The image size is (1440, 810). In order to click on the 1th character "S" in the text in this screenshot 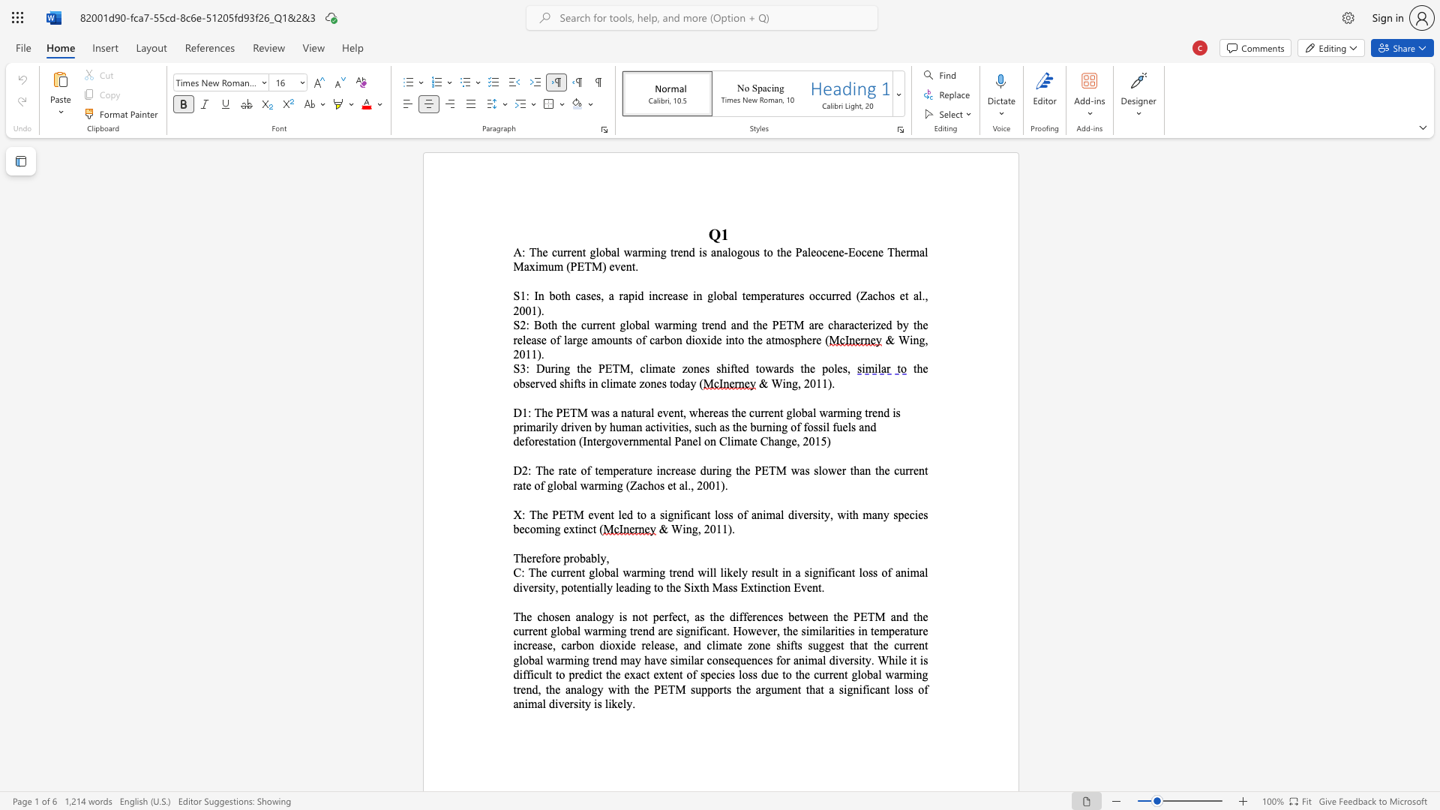, I will do `click(516, 368)`.